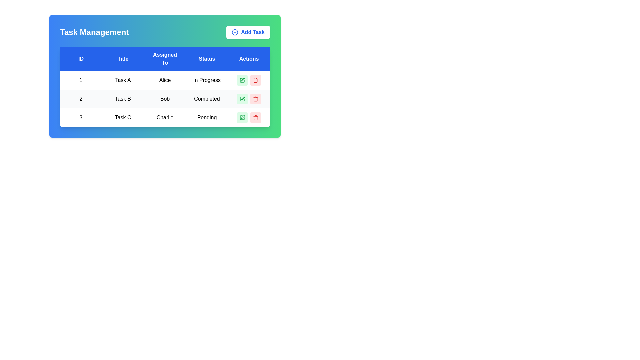  What do you see at coordinates (123, 59) in the screenshot?
I see `the column header labeled 'Title' which is the second header from the left in a table layout, located on a blue background with white text` at bounding box center [123, 59].